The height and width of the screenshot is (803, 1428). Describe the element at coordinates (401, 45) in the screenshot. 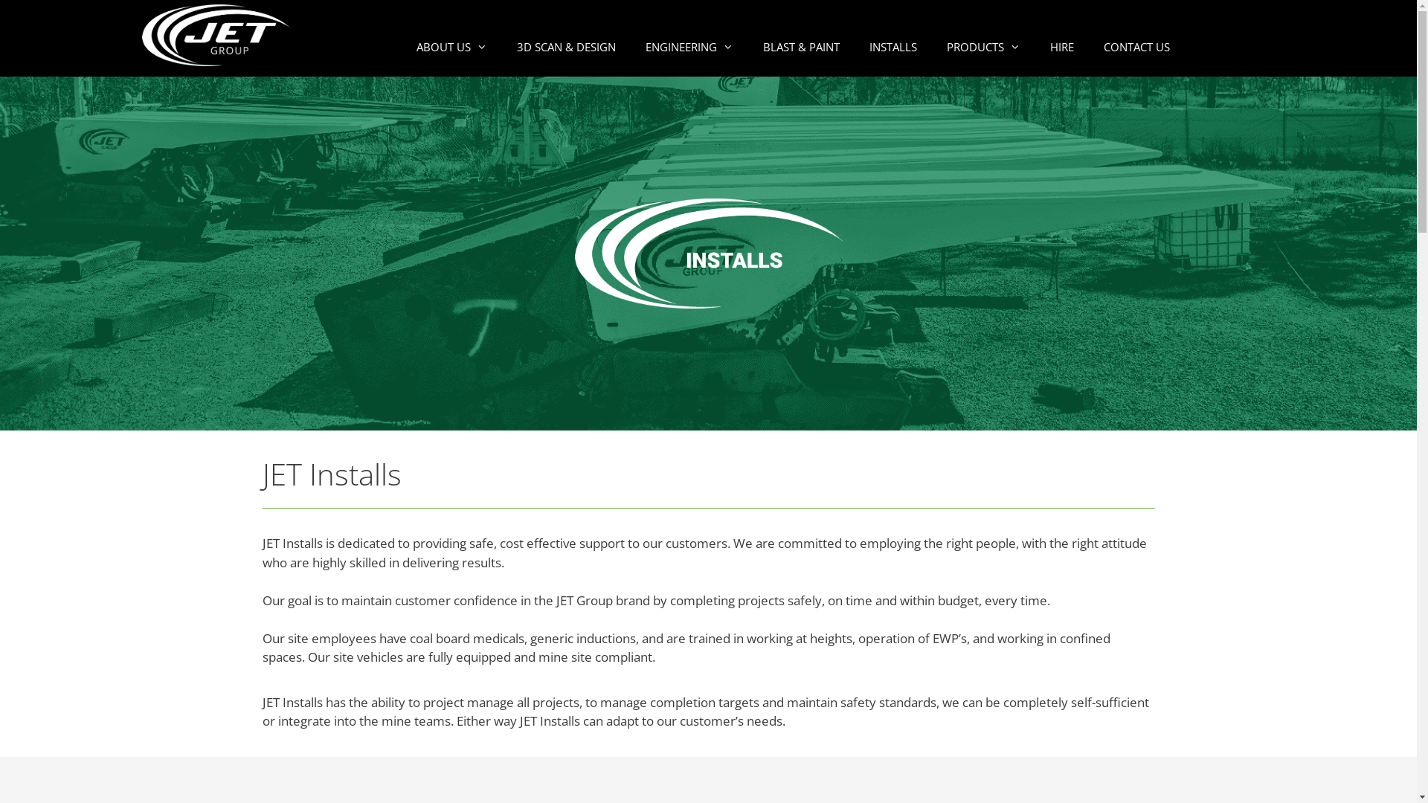

I see `'ABOUT US'` at that location.